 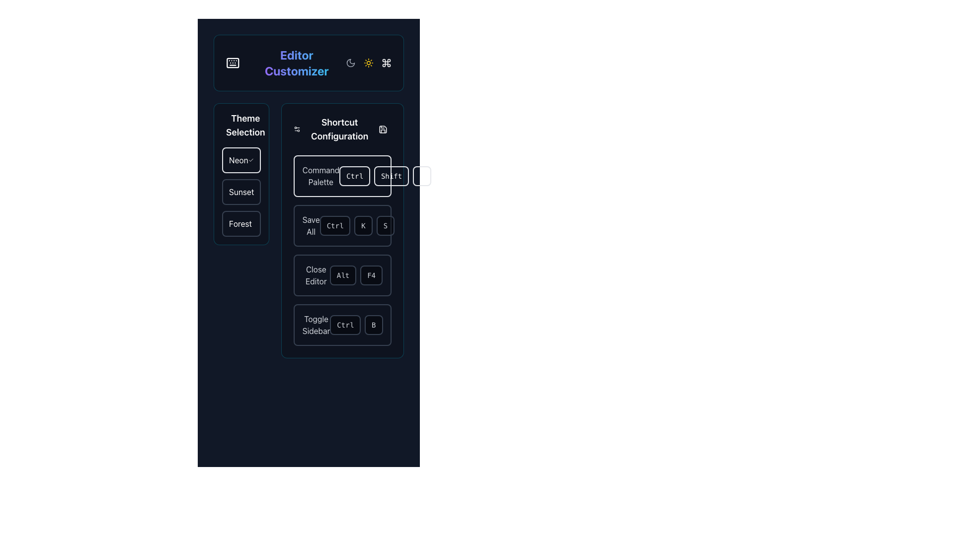 I want to click on the 'S' shortcut key button in the 'Save All' group to simulate a key press, so click(x=385, y=226).